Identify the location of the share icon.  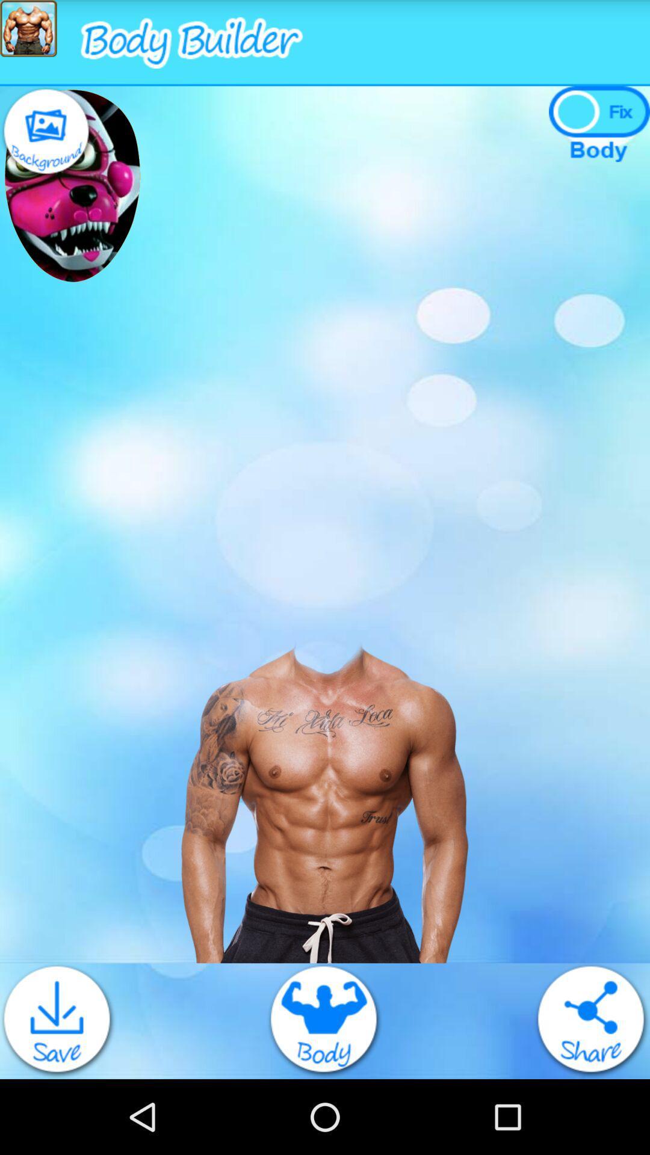
(591, 1092).